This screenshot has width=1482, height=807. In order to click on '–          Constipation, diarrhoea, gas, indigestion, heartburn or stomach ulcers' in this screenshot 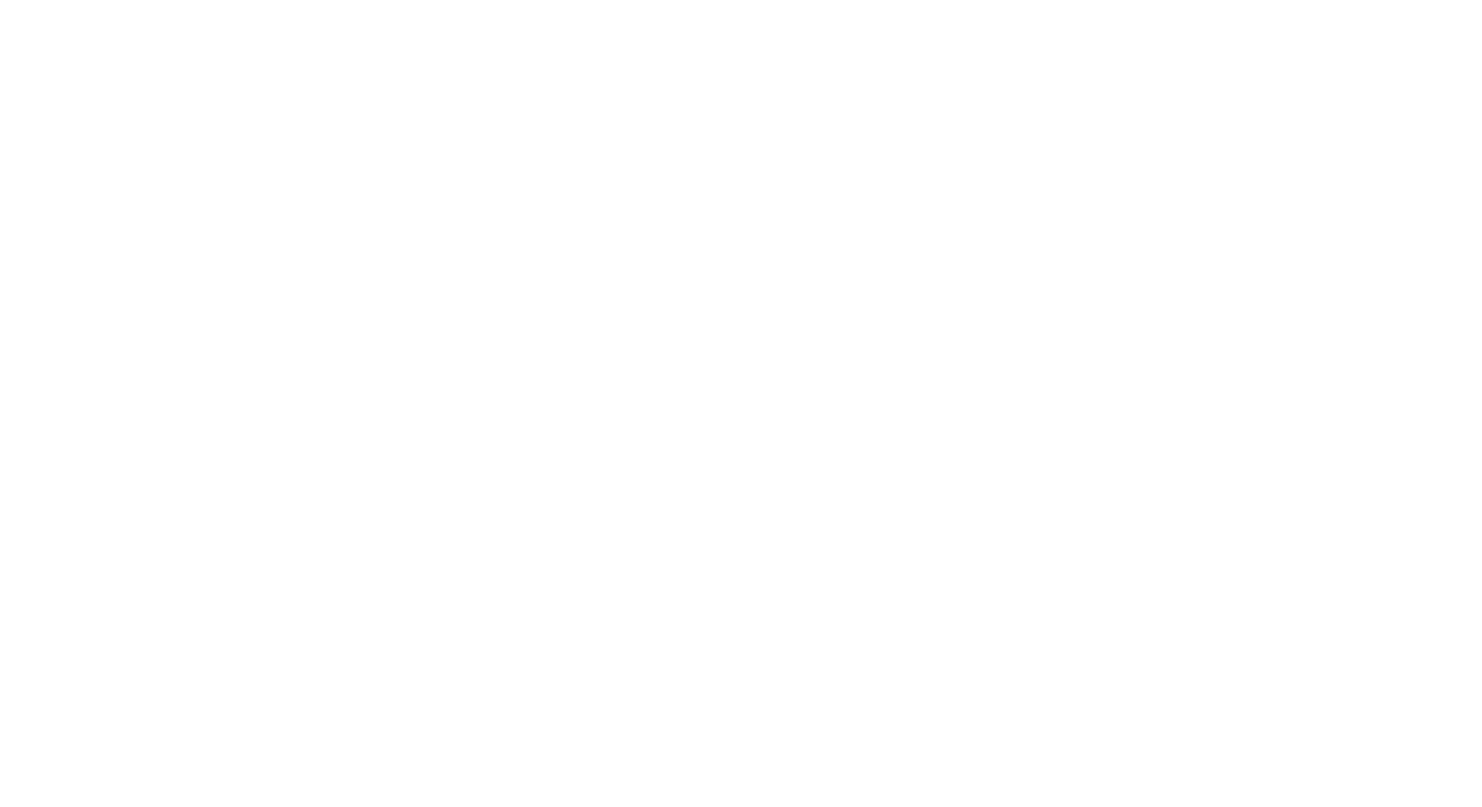, I will do `click(303, 139)`.